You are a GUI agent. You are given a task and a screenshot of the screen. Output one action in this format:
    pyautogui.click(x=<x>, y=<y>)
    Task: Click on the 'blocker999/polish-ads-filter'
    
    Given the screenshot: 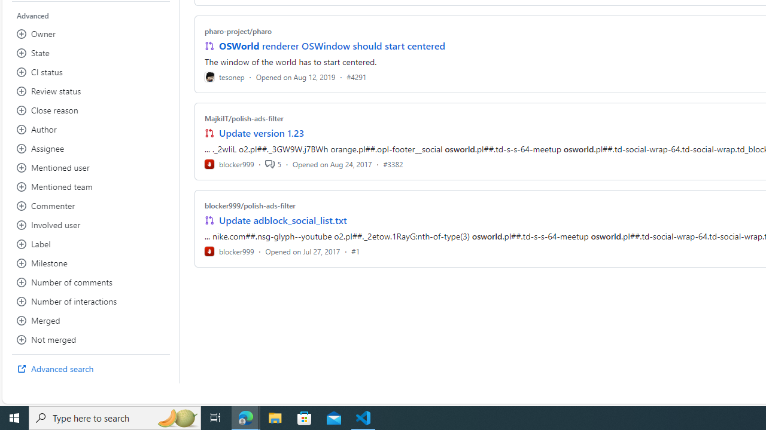 What is the action you would take?
    pyautogui.click(x=249, y=204)
    